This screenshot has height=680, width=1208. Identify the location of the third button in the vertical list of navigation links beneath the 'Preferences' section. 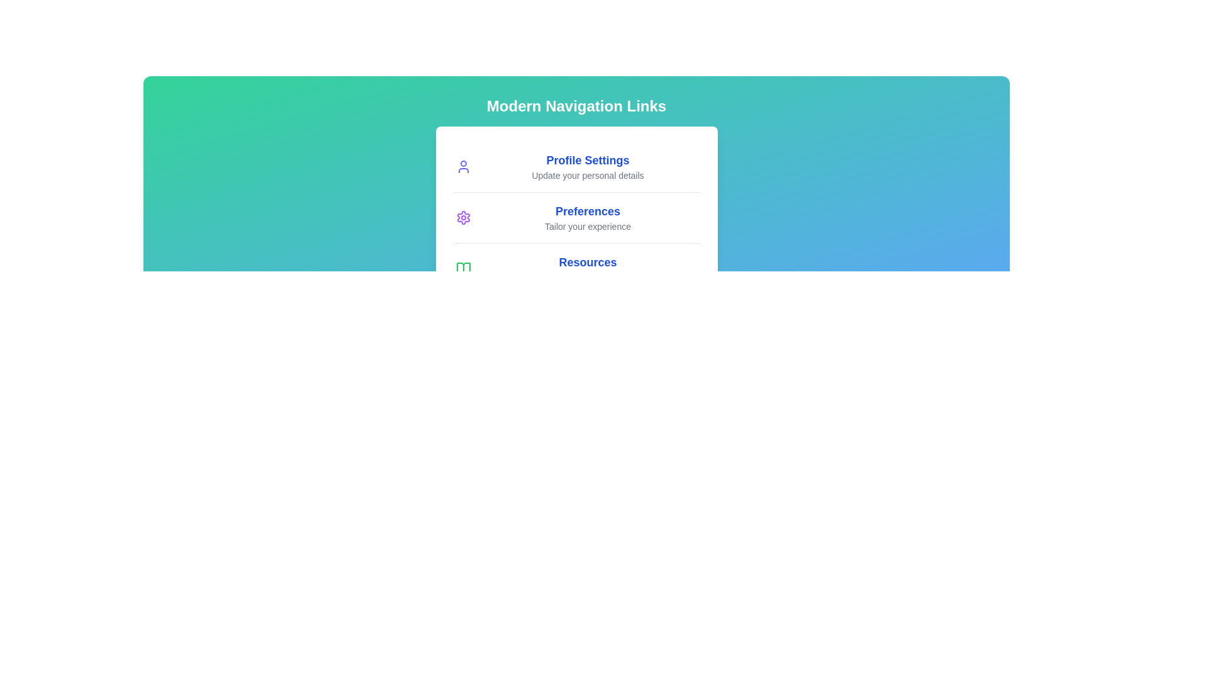
(576, 268).